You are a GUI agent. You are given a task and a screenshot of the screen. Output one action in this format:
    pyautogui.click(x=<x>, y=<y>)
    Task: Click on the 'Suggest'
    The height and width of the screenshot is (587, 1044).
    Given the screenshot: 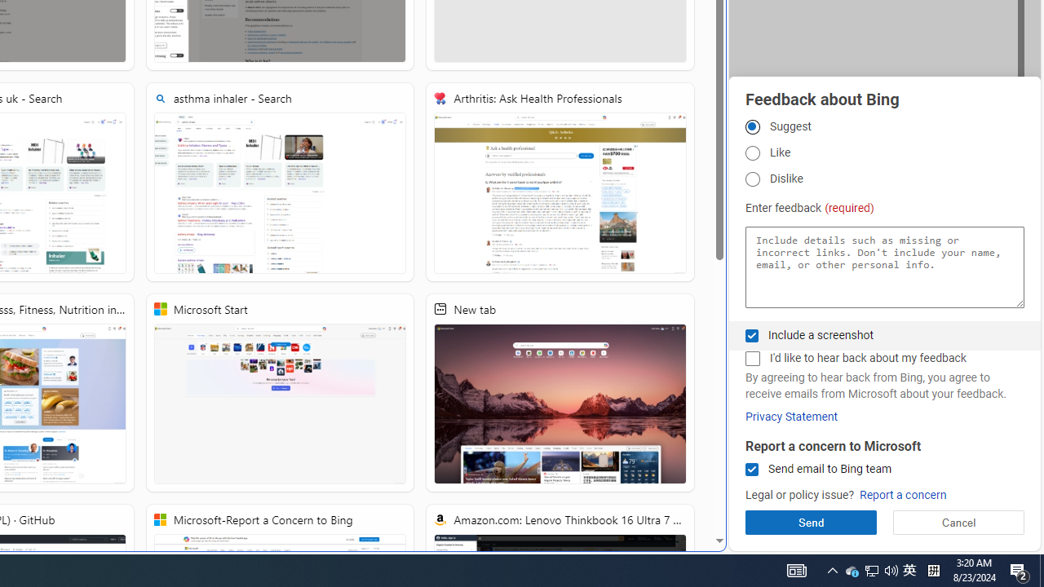 What is the action you would take?
    pyautogui.click(x=751, y=126)
    